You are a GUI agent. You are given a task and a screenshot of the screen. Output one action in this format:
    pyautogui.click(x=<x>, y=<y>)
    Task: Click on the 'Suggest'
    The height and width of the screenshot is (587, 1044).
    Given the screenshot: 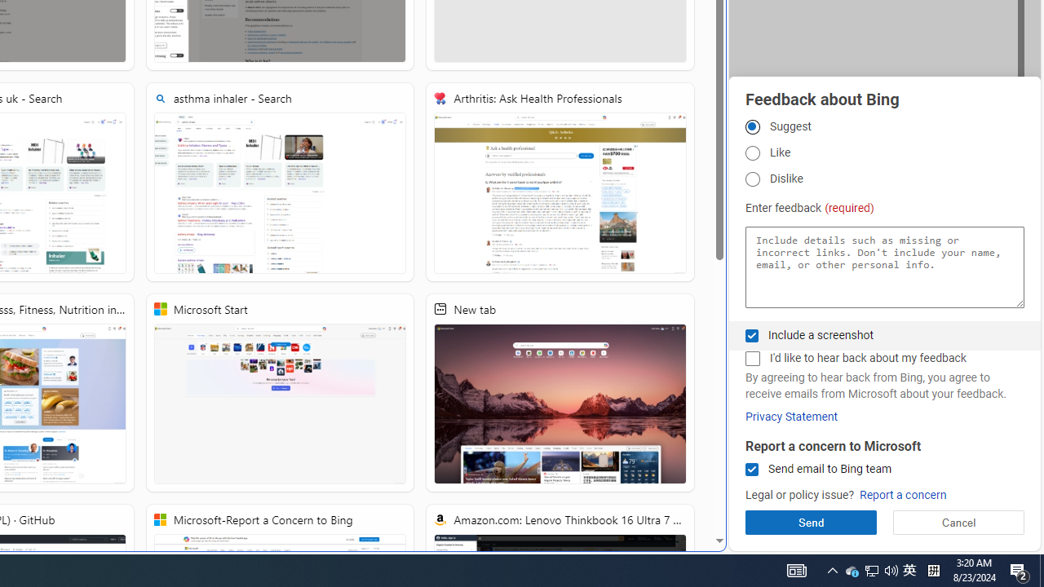 What is the action you would take?
    pyautogui.click(x=751, y=126)
    